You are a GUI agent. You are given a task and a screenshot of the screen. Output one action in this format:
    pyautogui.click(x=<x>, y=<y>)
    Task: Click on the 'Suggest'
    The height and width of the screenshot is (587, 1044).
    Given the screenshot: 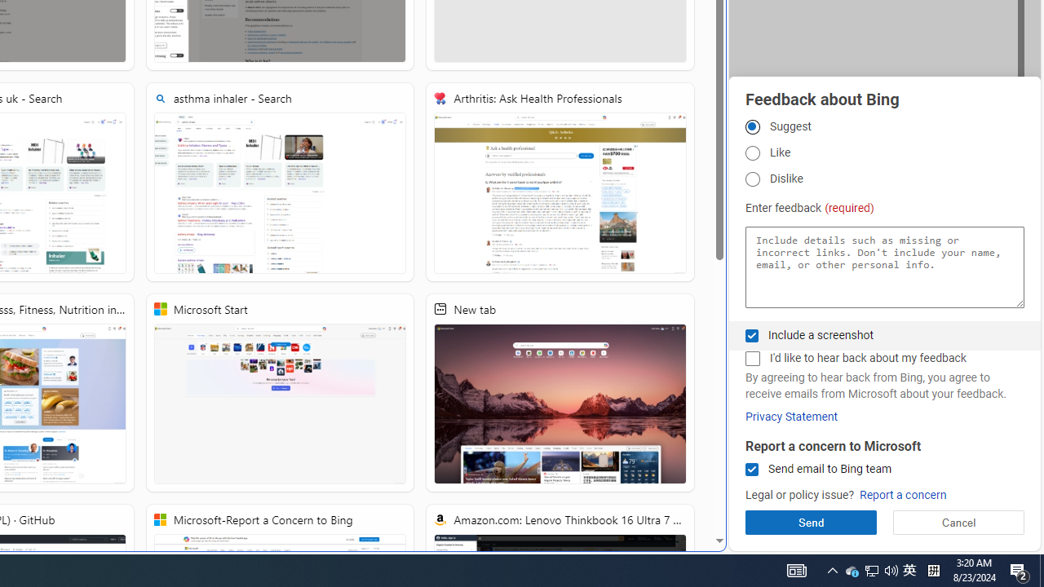 What is the action you would take?
    pyautogui.click(x=751, y=126)
    